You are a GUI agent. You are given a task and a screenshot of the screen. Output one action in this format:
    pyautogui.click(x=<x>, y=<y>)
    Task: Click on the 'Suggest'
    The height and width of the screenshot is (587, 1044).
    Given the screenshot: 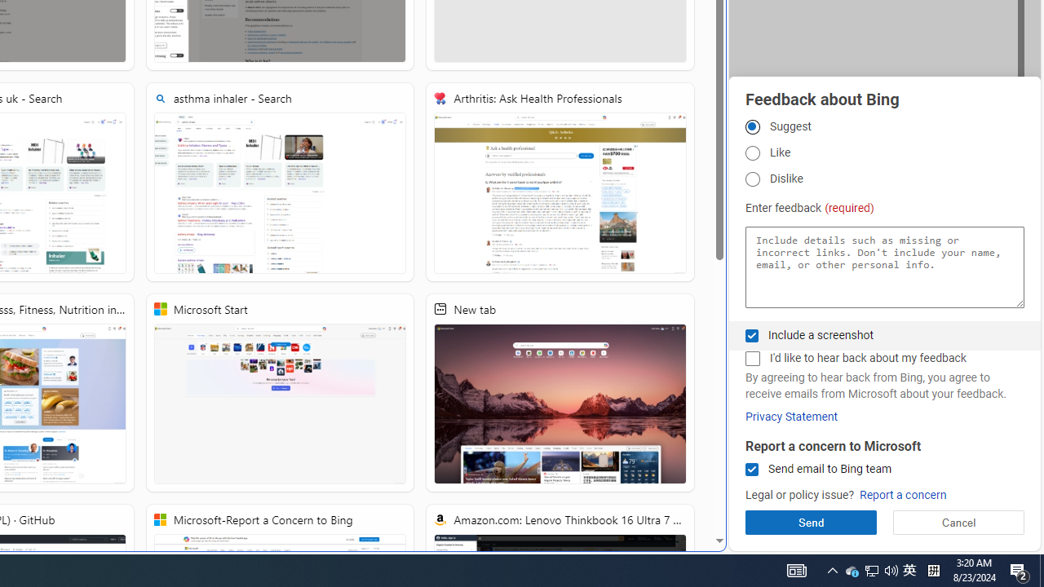 What is the action you would take?
    pyautogui.click(x=751, y=126)
    